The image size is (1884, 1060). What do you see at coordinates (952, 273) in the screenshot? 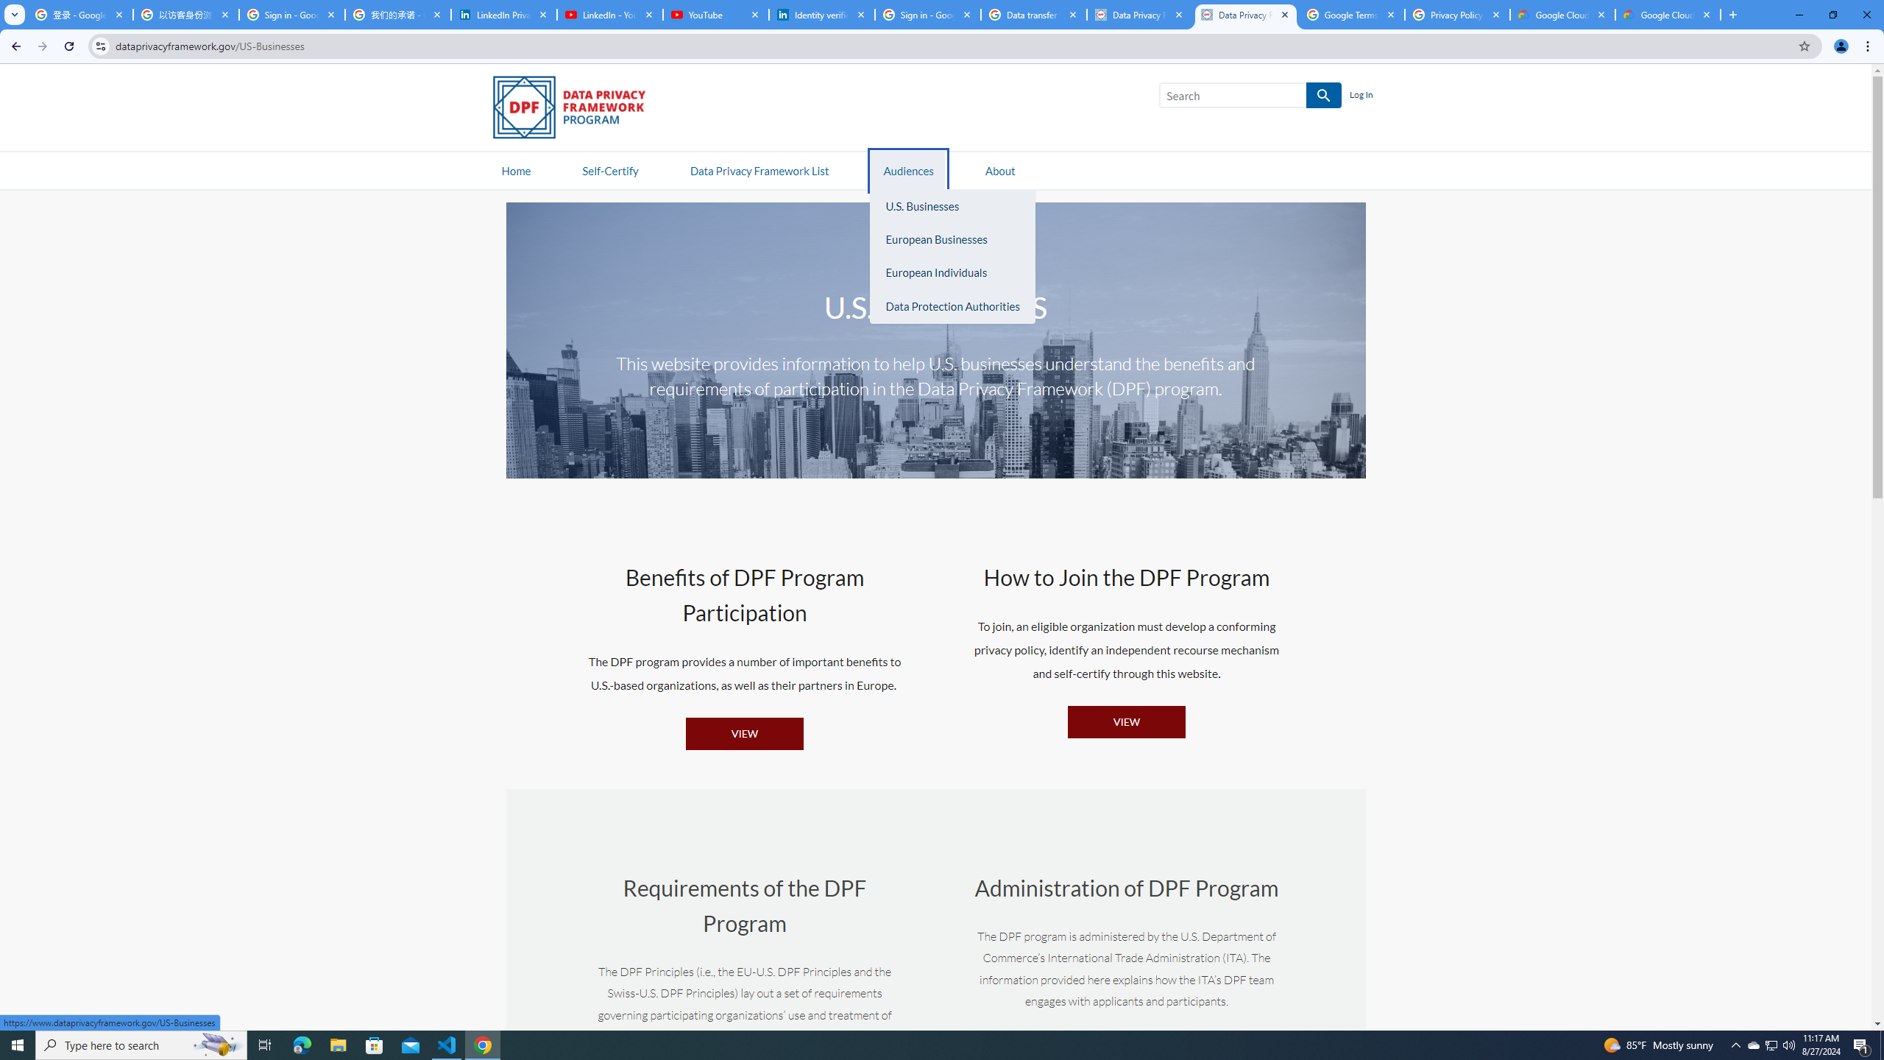
I see `'European Individuals'` at bounding box center [952, 273].